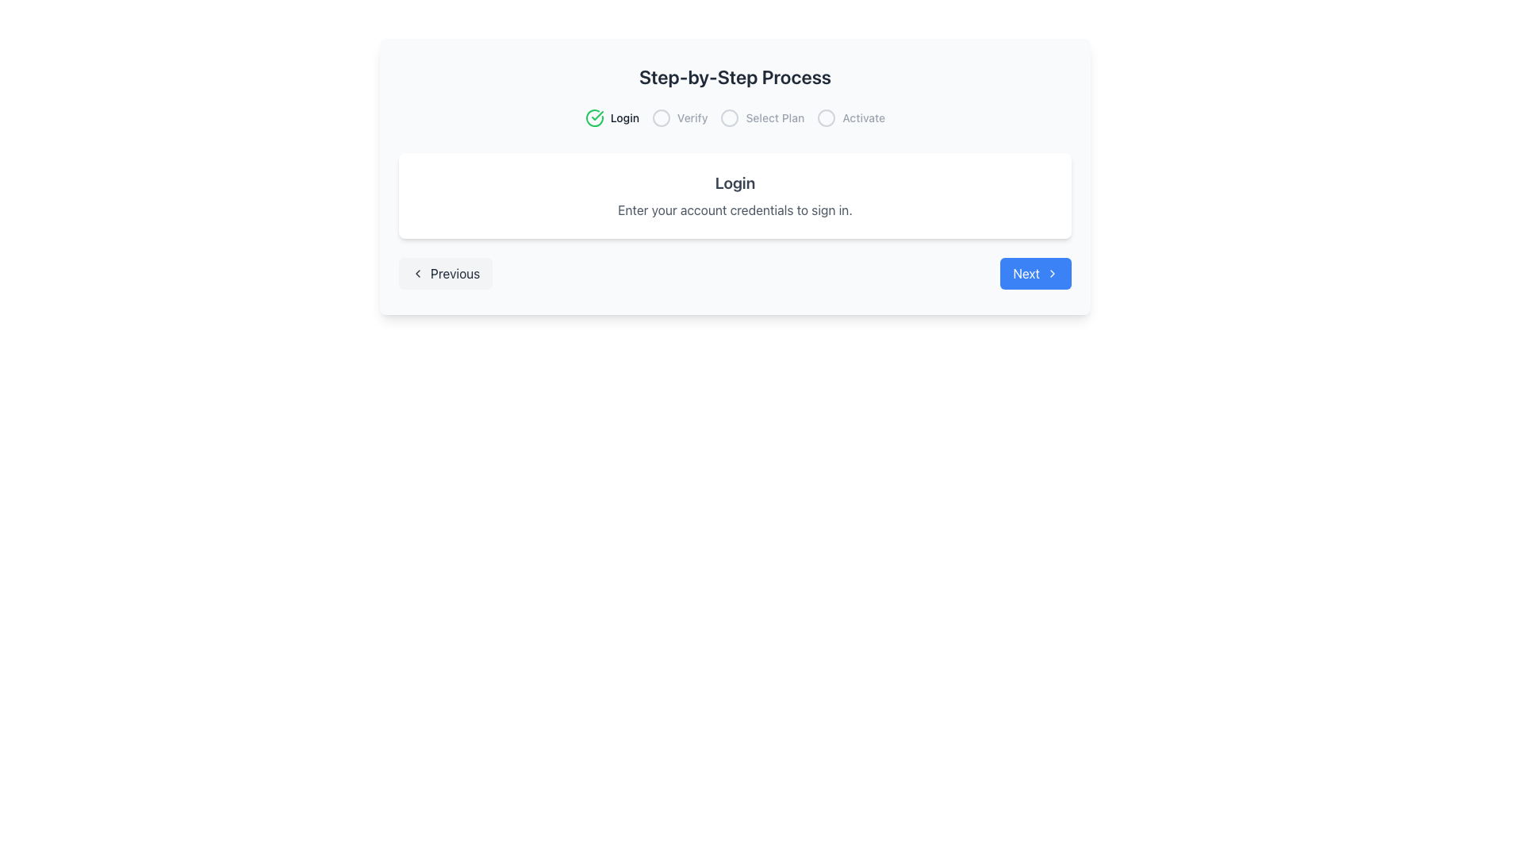 This screenshot has width=1523, height=857. Describe the element at coordinates (623, 117) in the screenshot. I see `the 'Login' text label, which is styled in a medium-sized sans-serif font and is black in color, located to the right of a check mark icon in a horizontal layout near the top of the interface` at that location.